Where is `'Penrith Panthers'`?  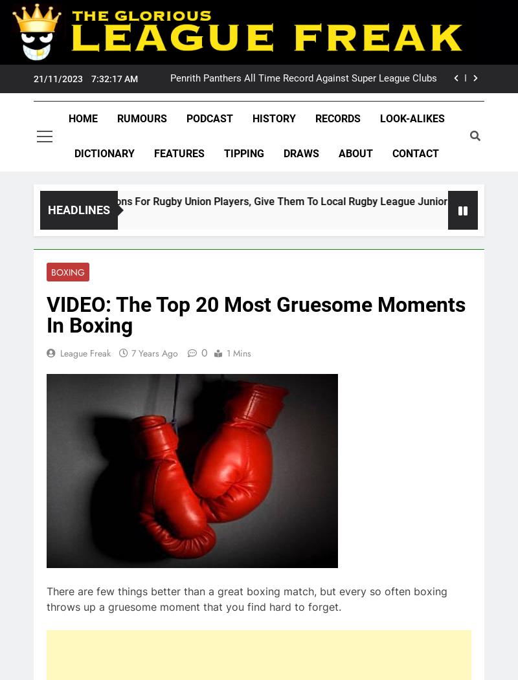 'Penrith Panthers' is located at coordinates (99, 110).